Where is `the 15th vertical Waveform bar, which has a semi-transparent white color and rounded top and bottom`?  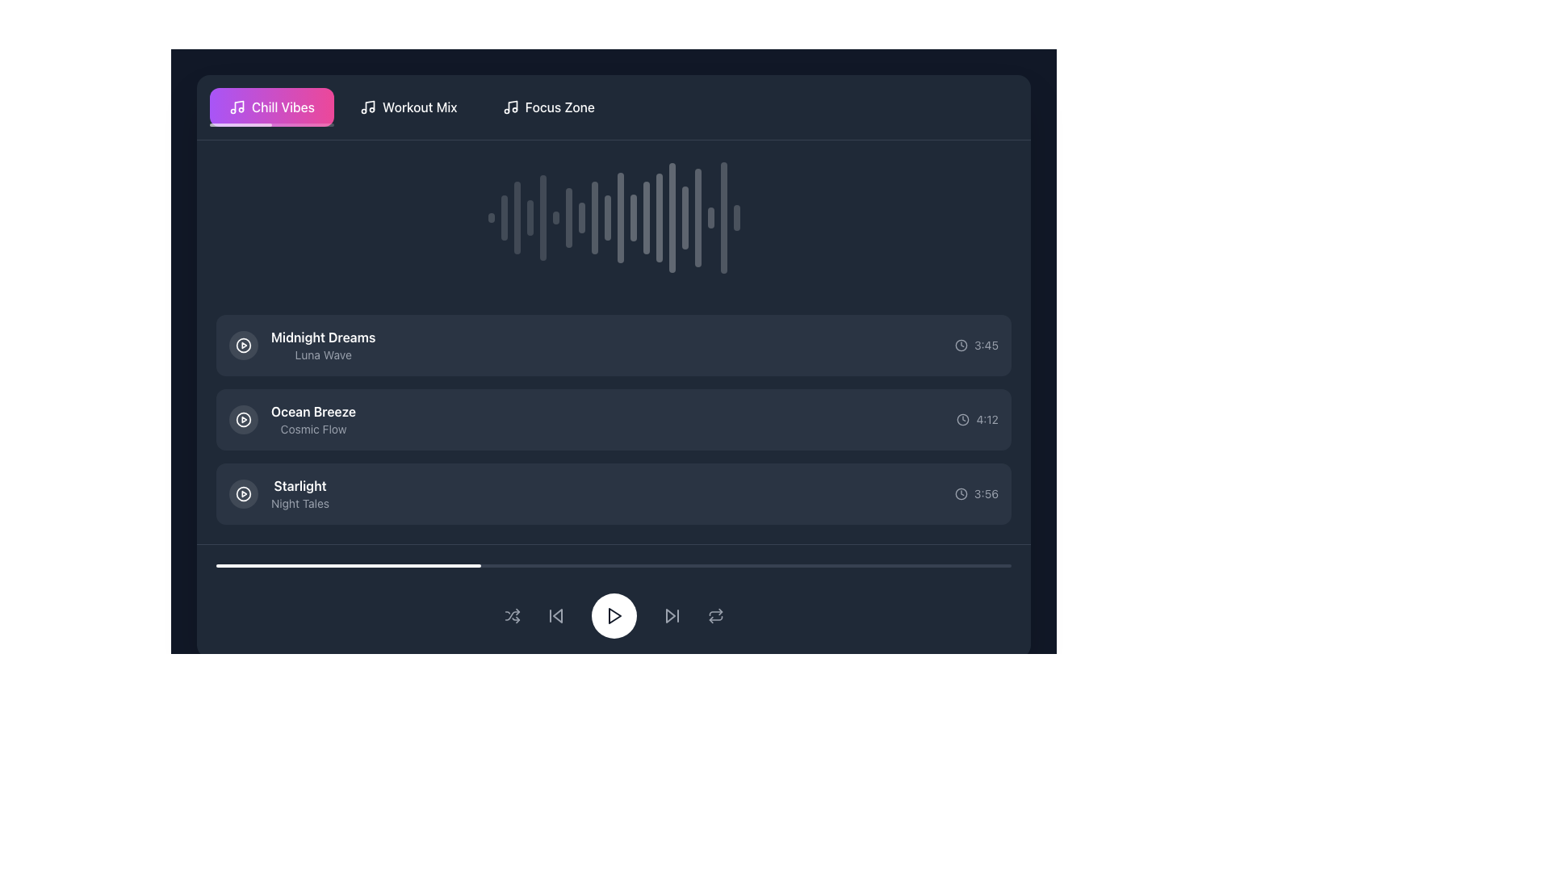
the 15th vertical Waveform bar, which has a semi-transparent white color and rounded top and bottom is located at coordinates (672, 218).